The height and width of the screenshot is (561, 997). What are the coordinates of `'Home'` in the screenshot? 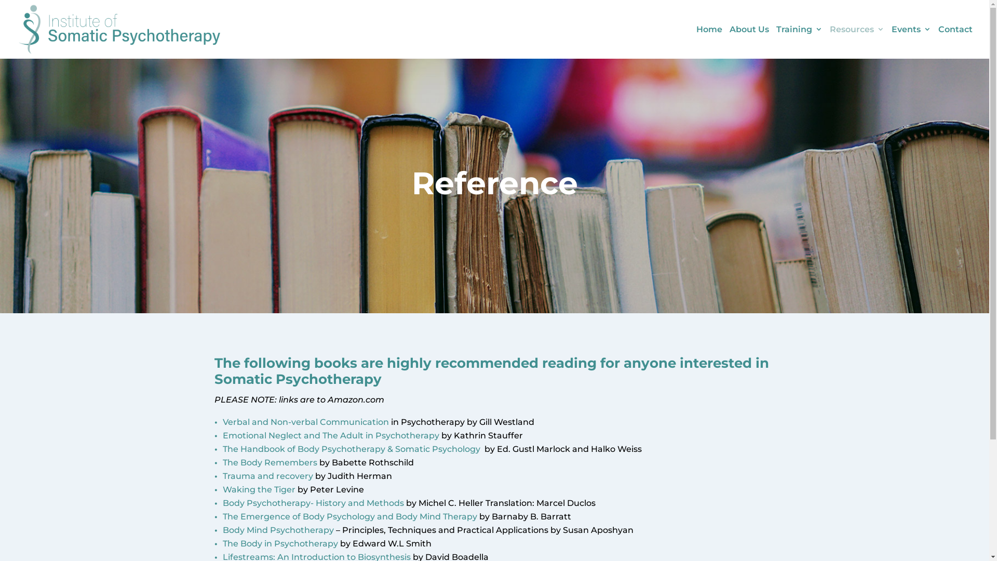 It's located at (709, 42).